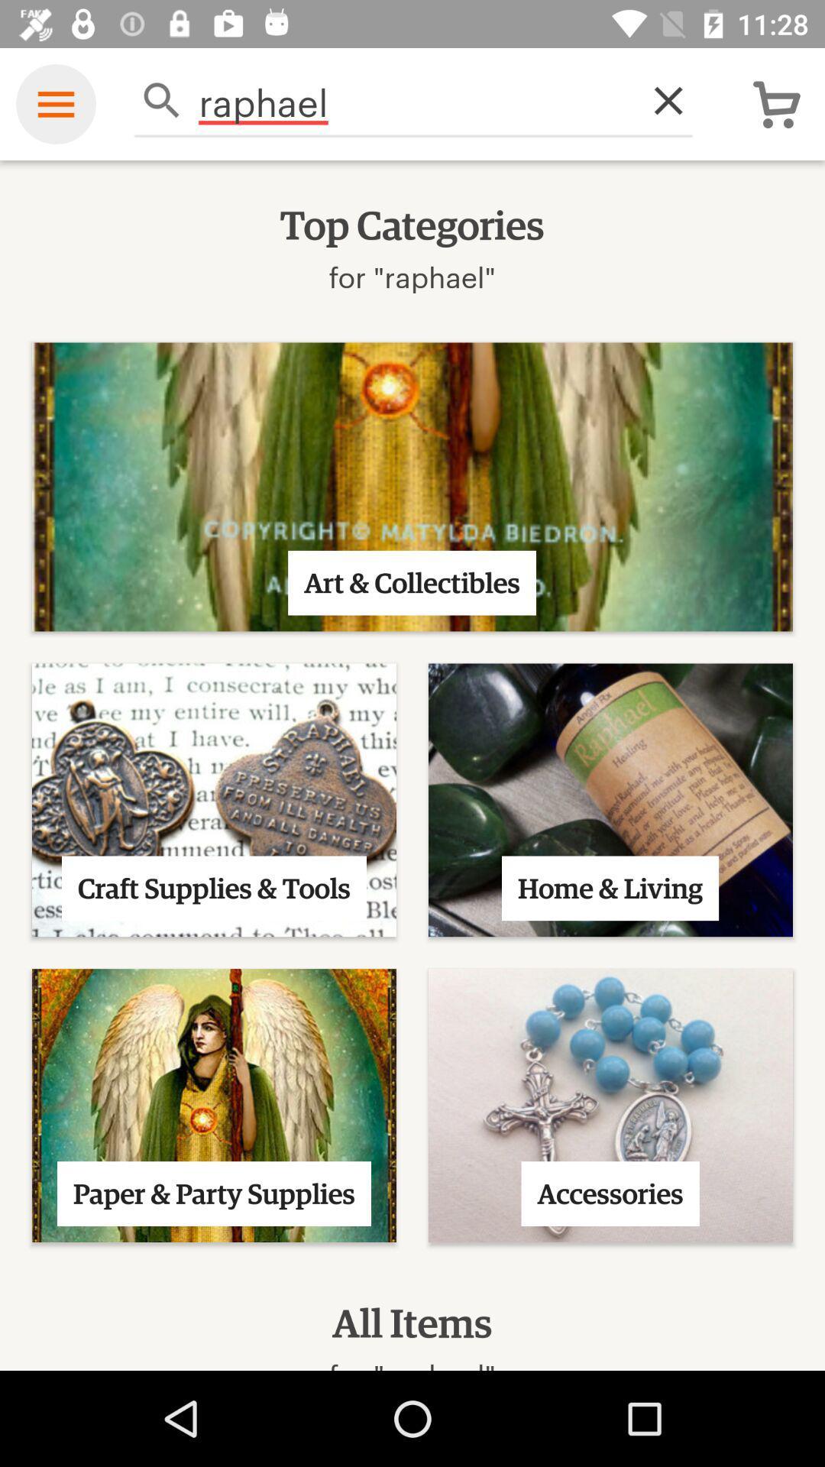 The width and height of the screenshot is (825, 1467). Describe the element at coordinates (659, 99) in the screenshot. I see `the item to the right of raphael icon` at that location.